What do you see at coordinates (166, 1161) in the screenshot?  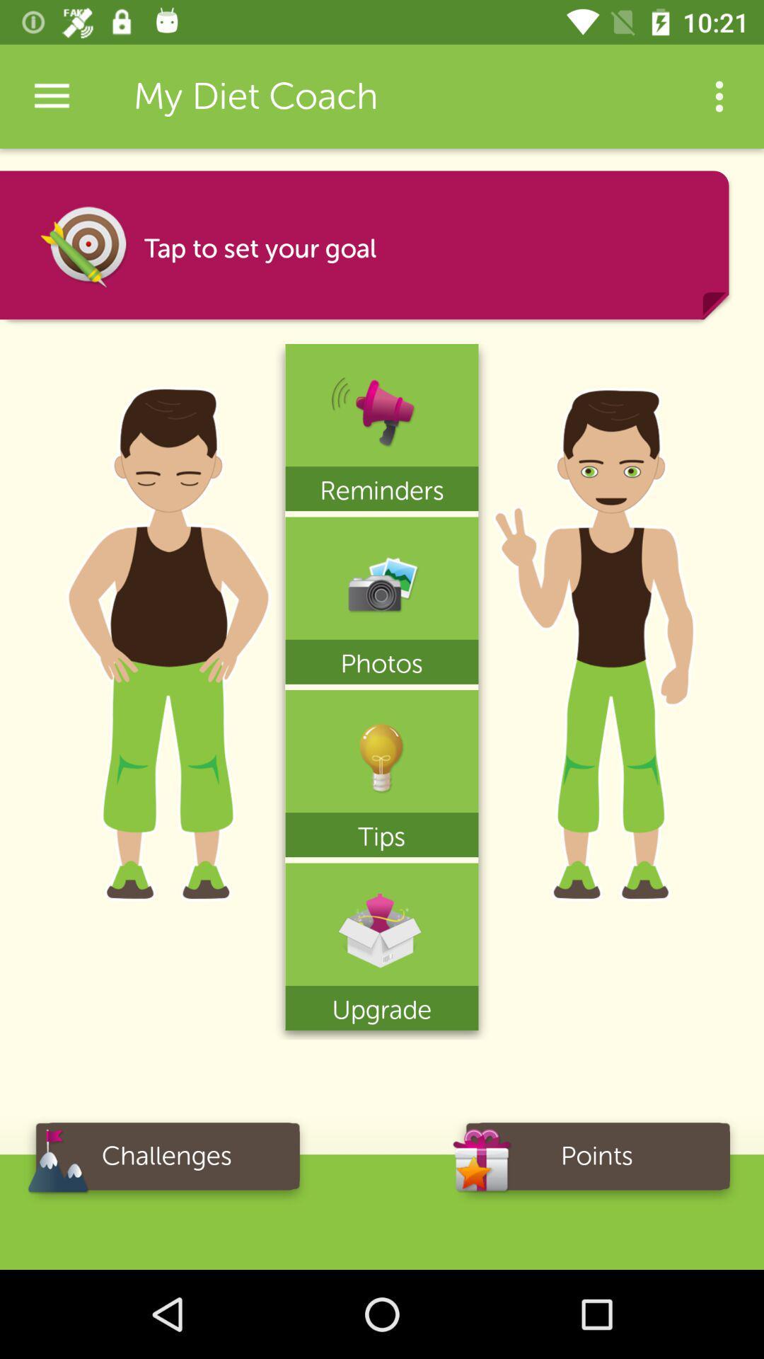 I see `the challenges` at bounding box center [166, 1161].